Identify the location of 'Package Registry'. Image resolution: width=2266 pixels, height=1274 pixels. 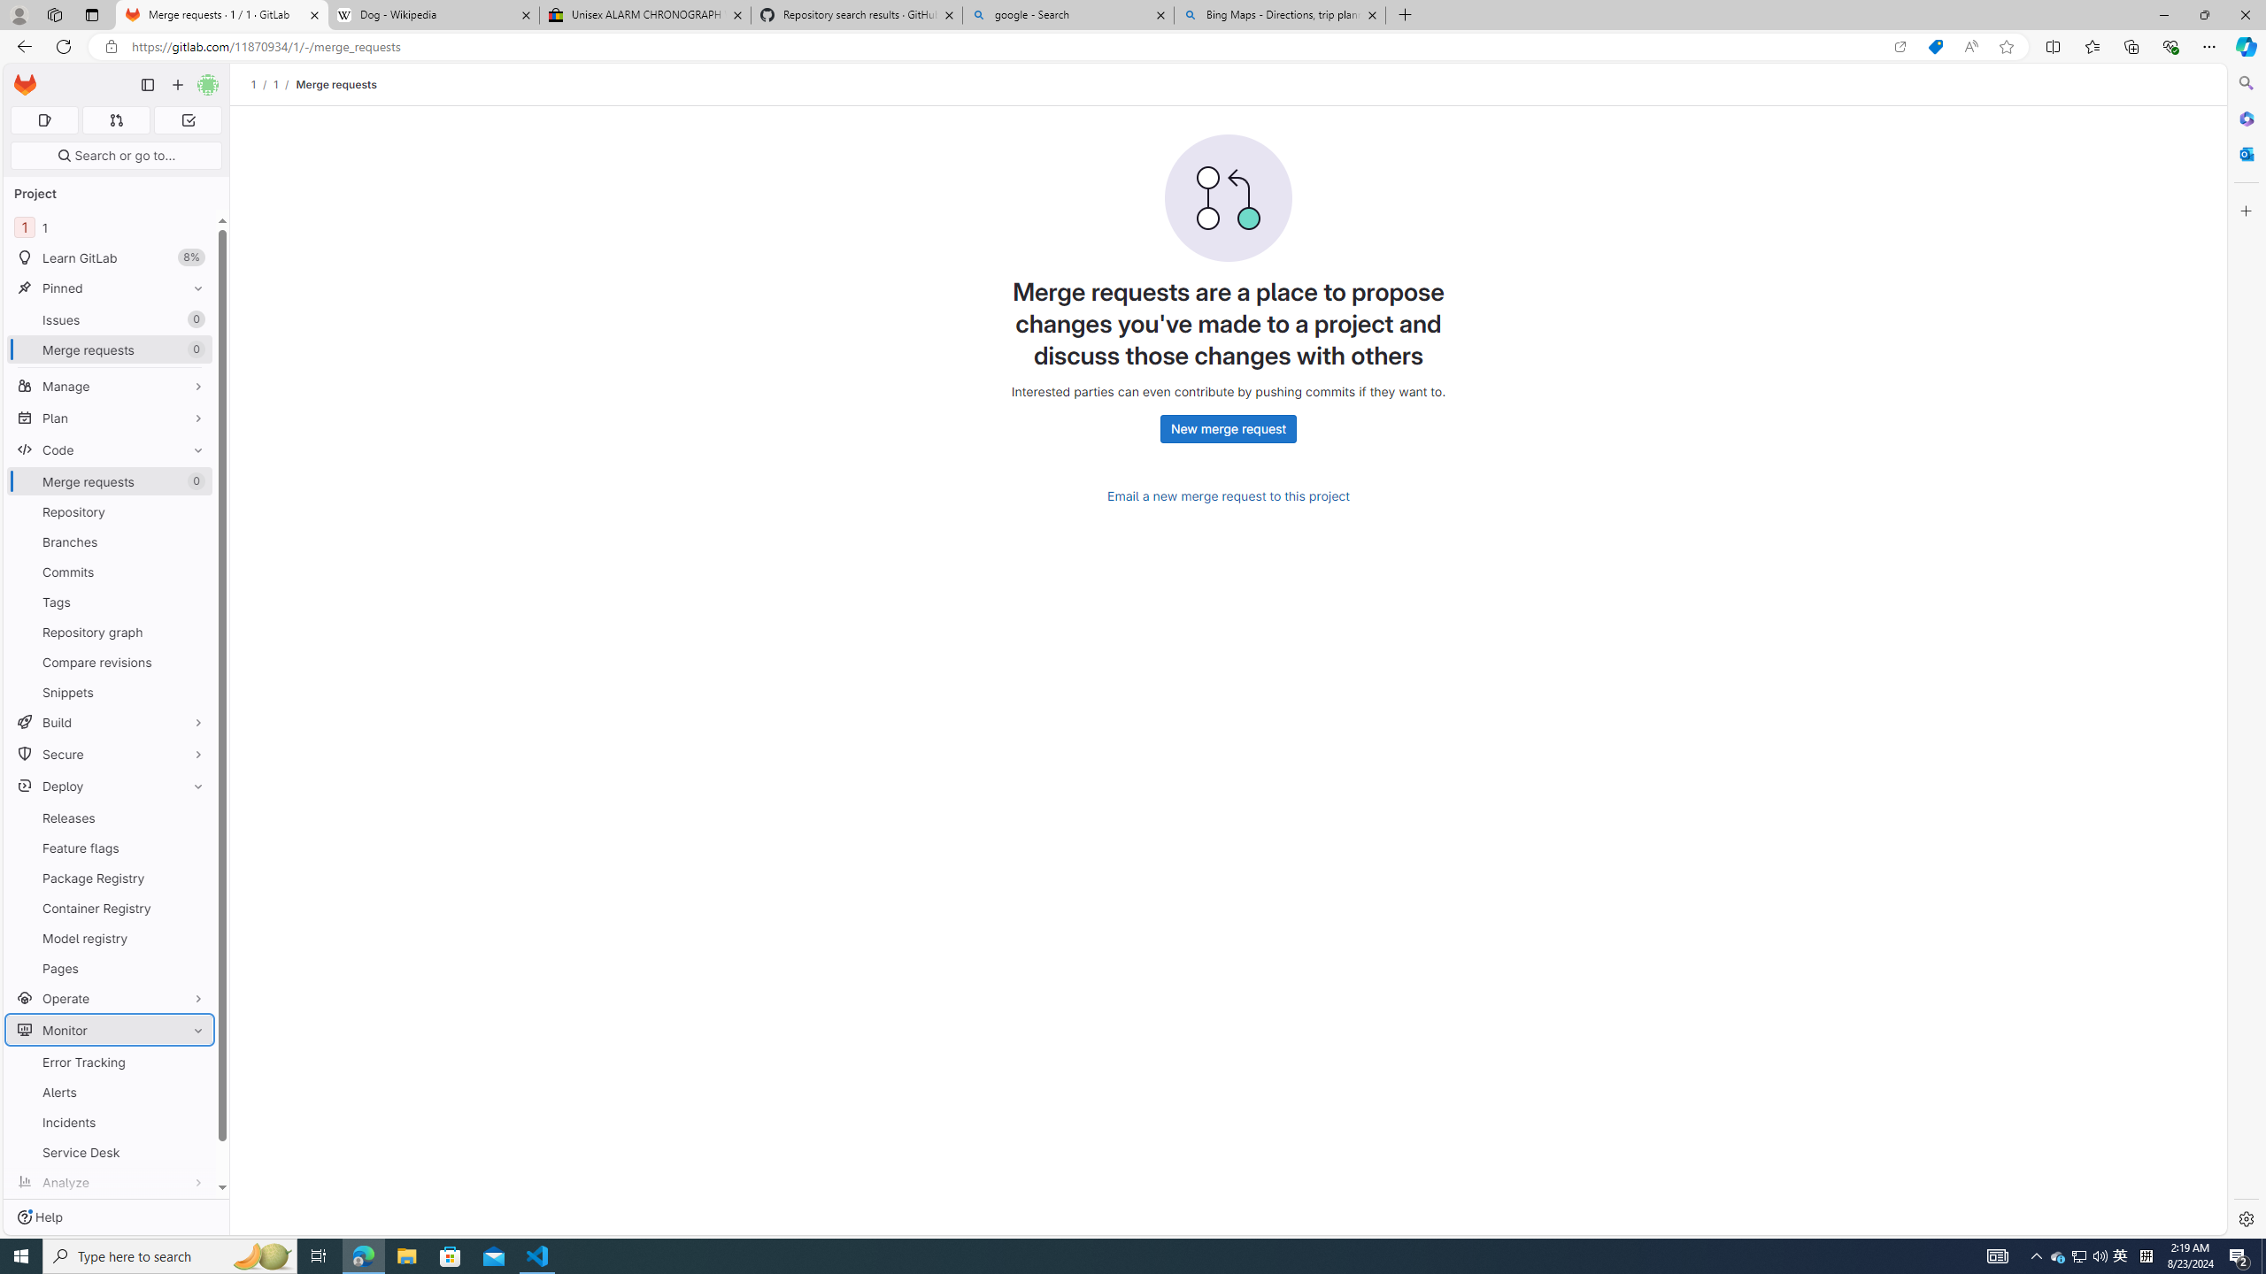
(109, 877).